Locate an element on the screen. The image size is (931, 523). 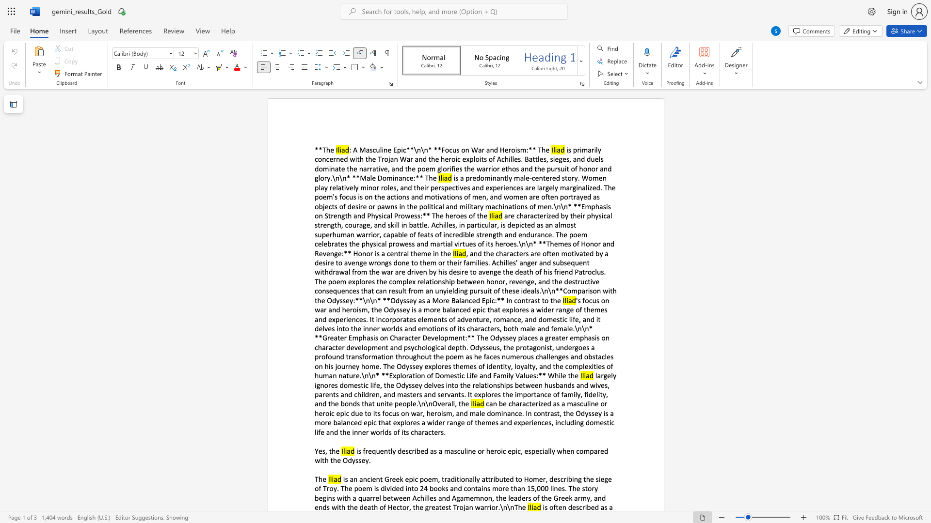
the subset text "agonist, undergoes a profound transformation throughout the poem as he faces numerous challenges and obstacles on his journey home. Th" within the text "'s focus on war and heroism, the Odyssey is a more balanced epic that explores a wider range of themes and experiences. It incorporates elements of adventure, romance, and domestic life, and it delves into the inner worlds and emotions of its characters, both male and female.\n\n* **Greater Emphasis on Character Development:** The Odyssey places a greater emphasis on character development and psychological depth. Odysseus, the protagonist, undergoes a profound transformation throughout the poem as he faces numerous challenges and obstacles on his journey home. The Odyssey explores themes of identity, loyalty, and the complexities of human nature.\n\n* **Exploration of Domestic Life and Family Values:** While the" is located at coordinates (529, 347).